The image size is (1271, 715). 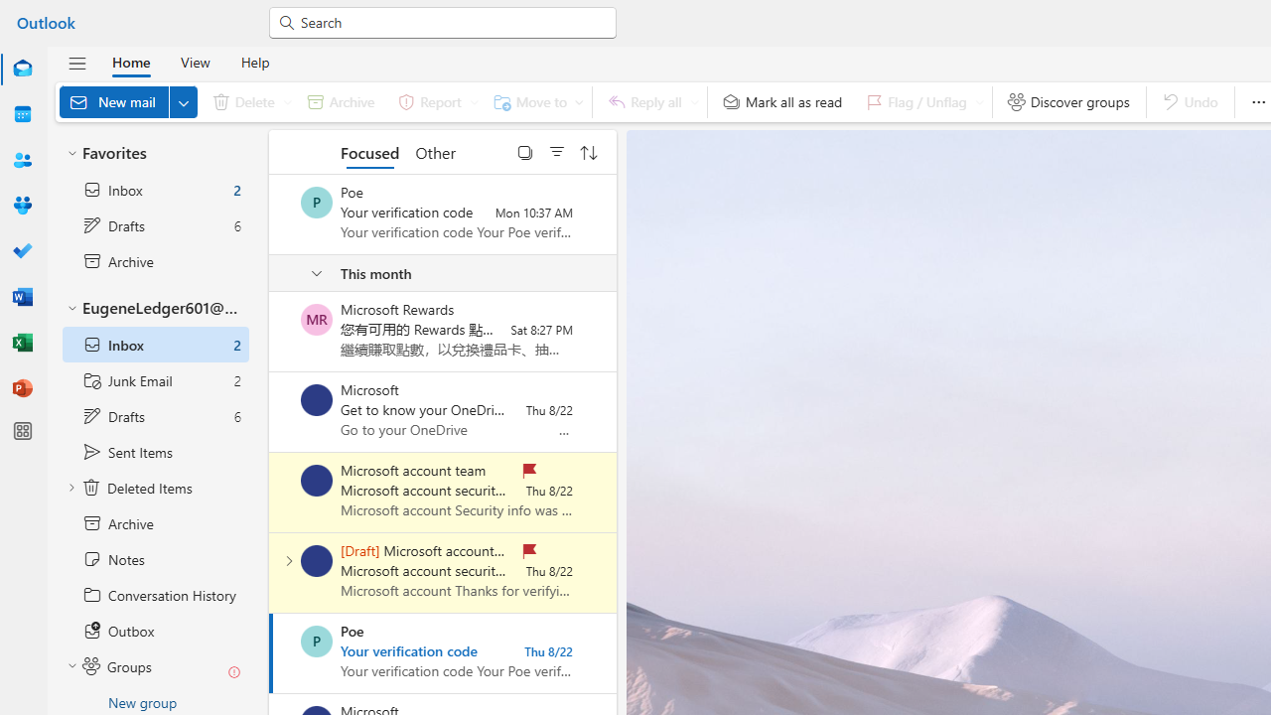 I want to click on 'Word', so click(x=23, y=296).